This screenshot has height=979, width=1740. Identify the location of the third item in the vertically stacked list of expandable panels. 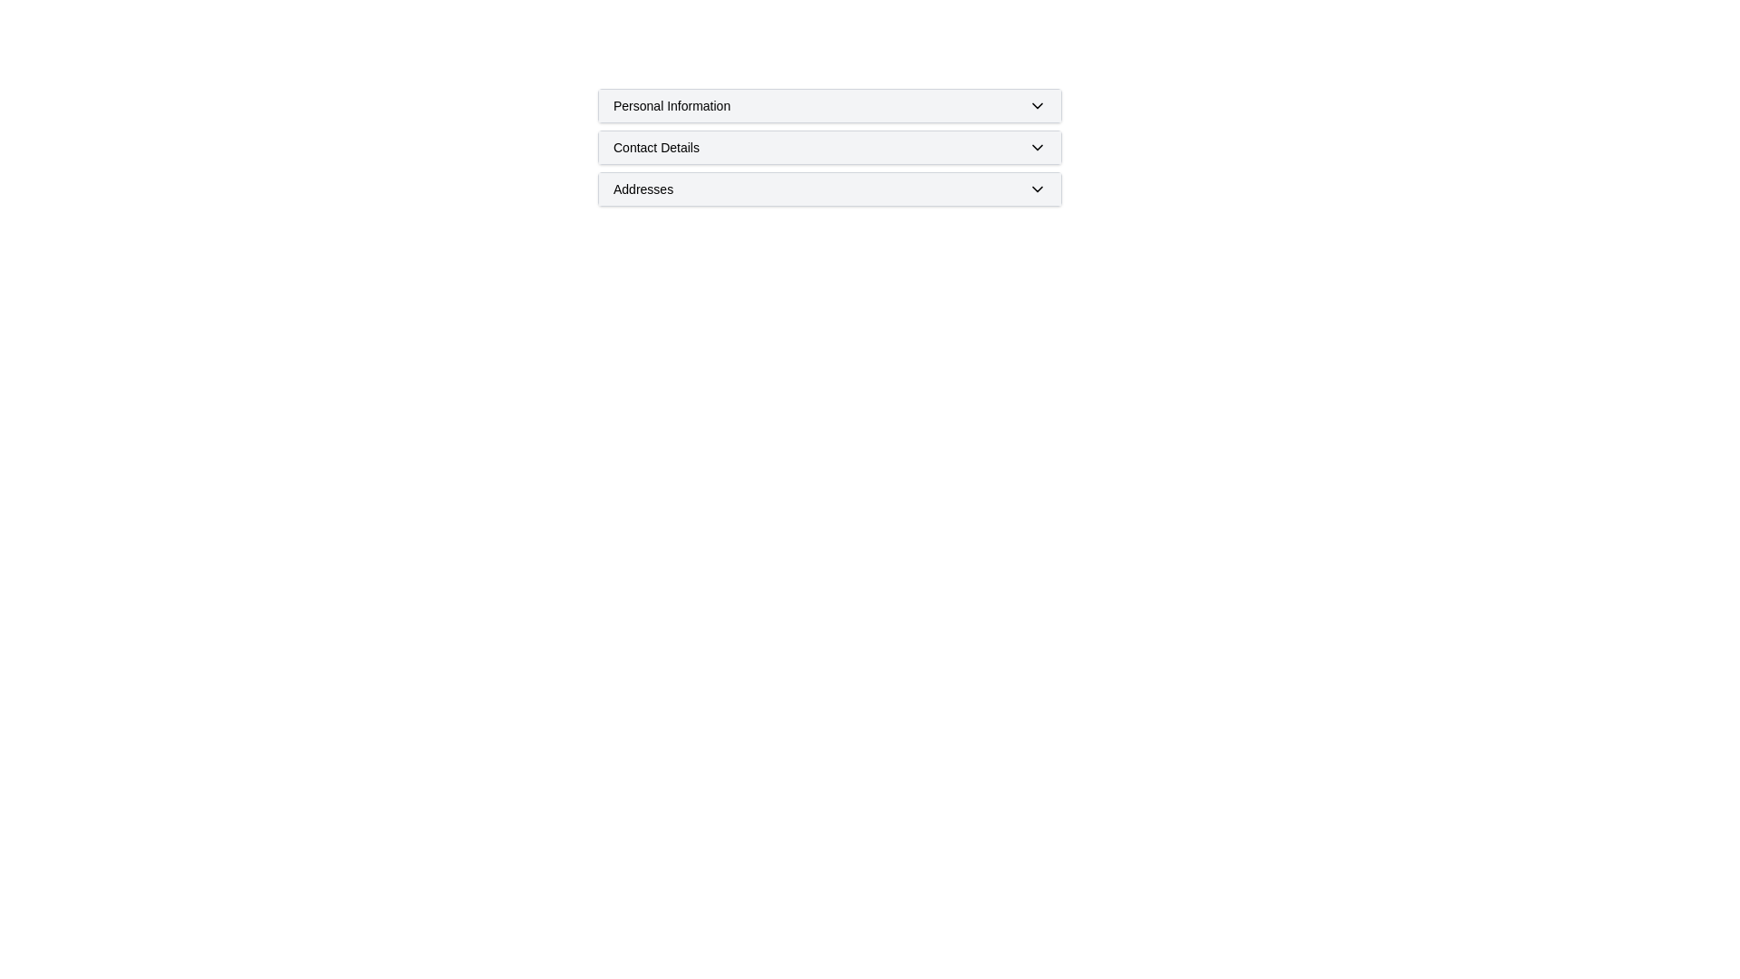
(829, 189).